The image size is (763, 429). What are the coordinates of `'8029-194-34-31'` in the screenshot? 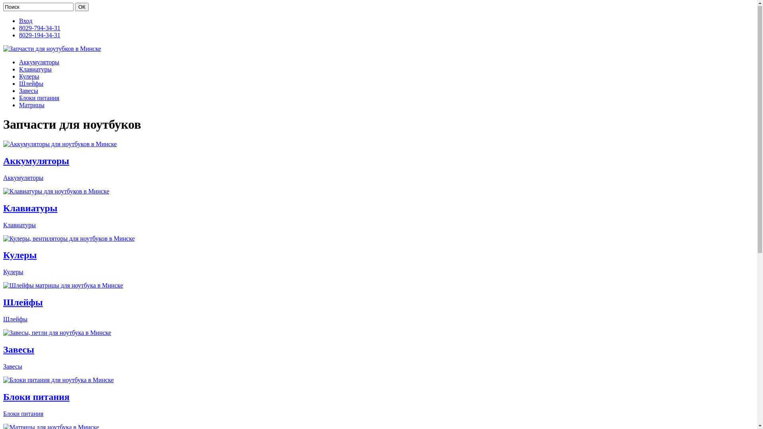 It's located at (39, 35).